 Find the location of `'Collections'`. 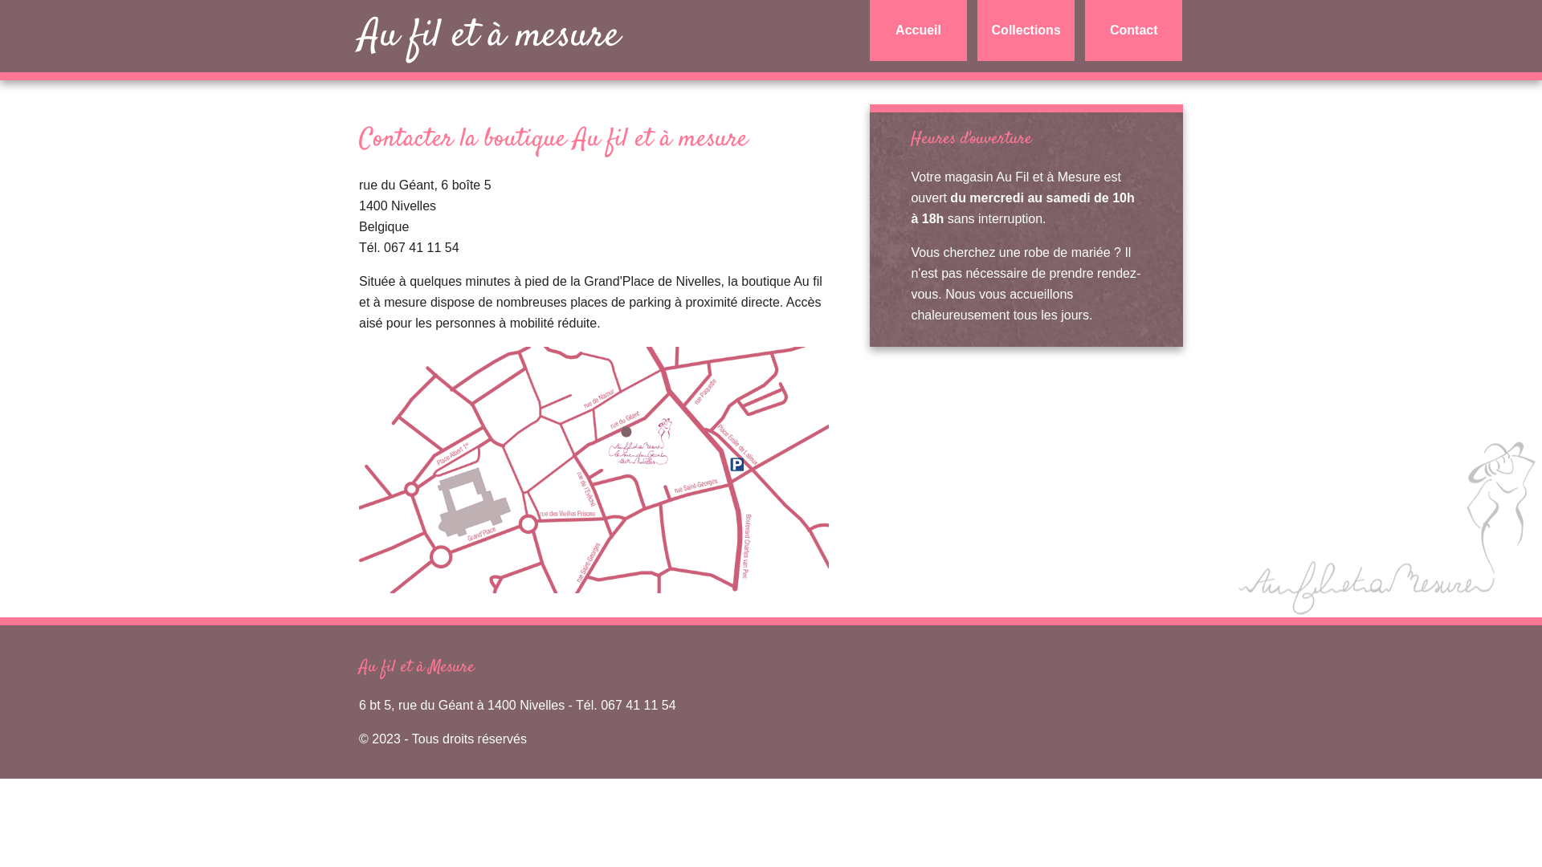

'Collections' is located at coordinates (1025, 31).